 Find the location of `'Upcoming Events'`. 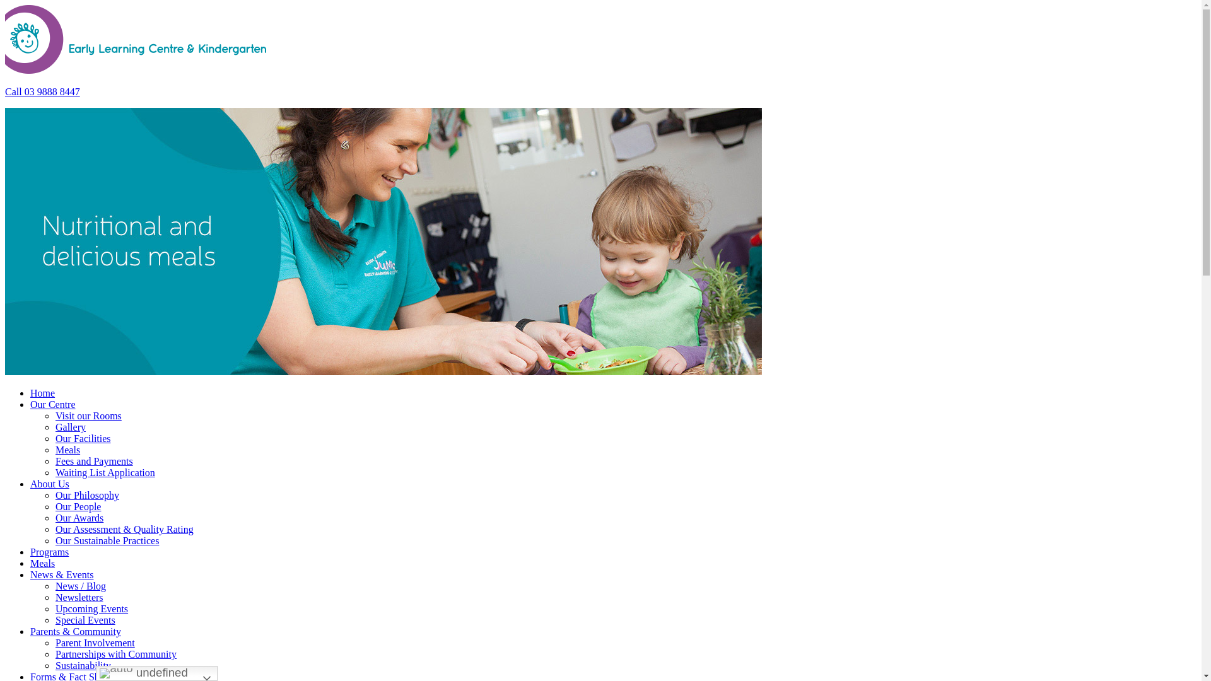

'Upcoming Events' is located at coordinates (91, 608).